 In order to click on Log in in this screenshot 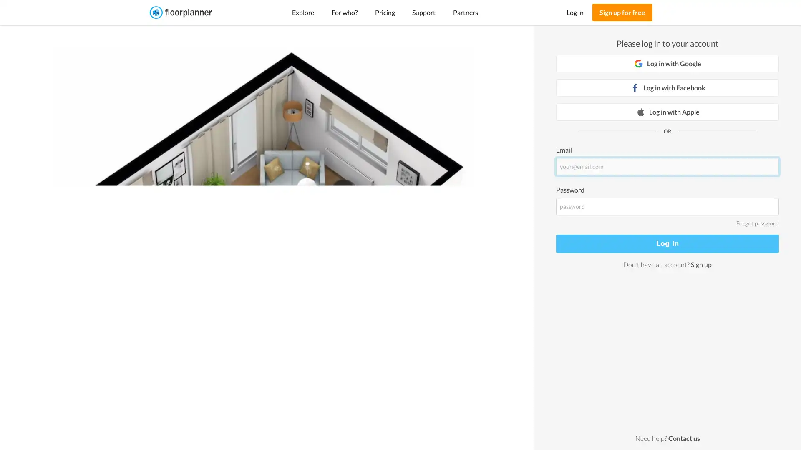, I will do `click(667, 243)`.